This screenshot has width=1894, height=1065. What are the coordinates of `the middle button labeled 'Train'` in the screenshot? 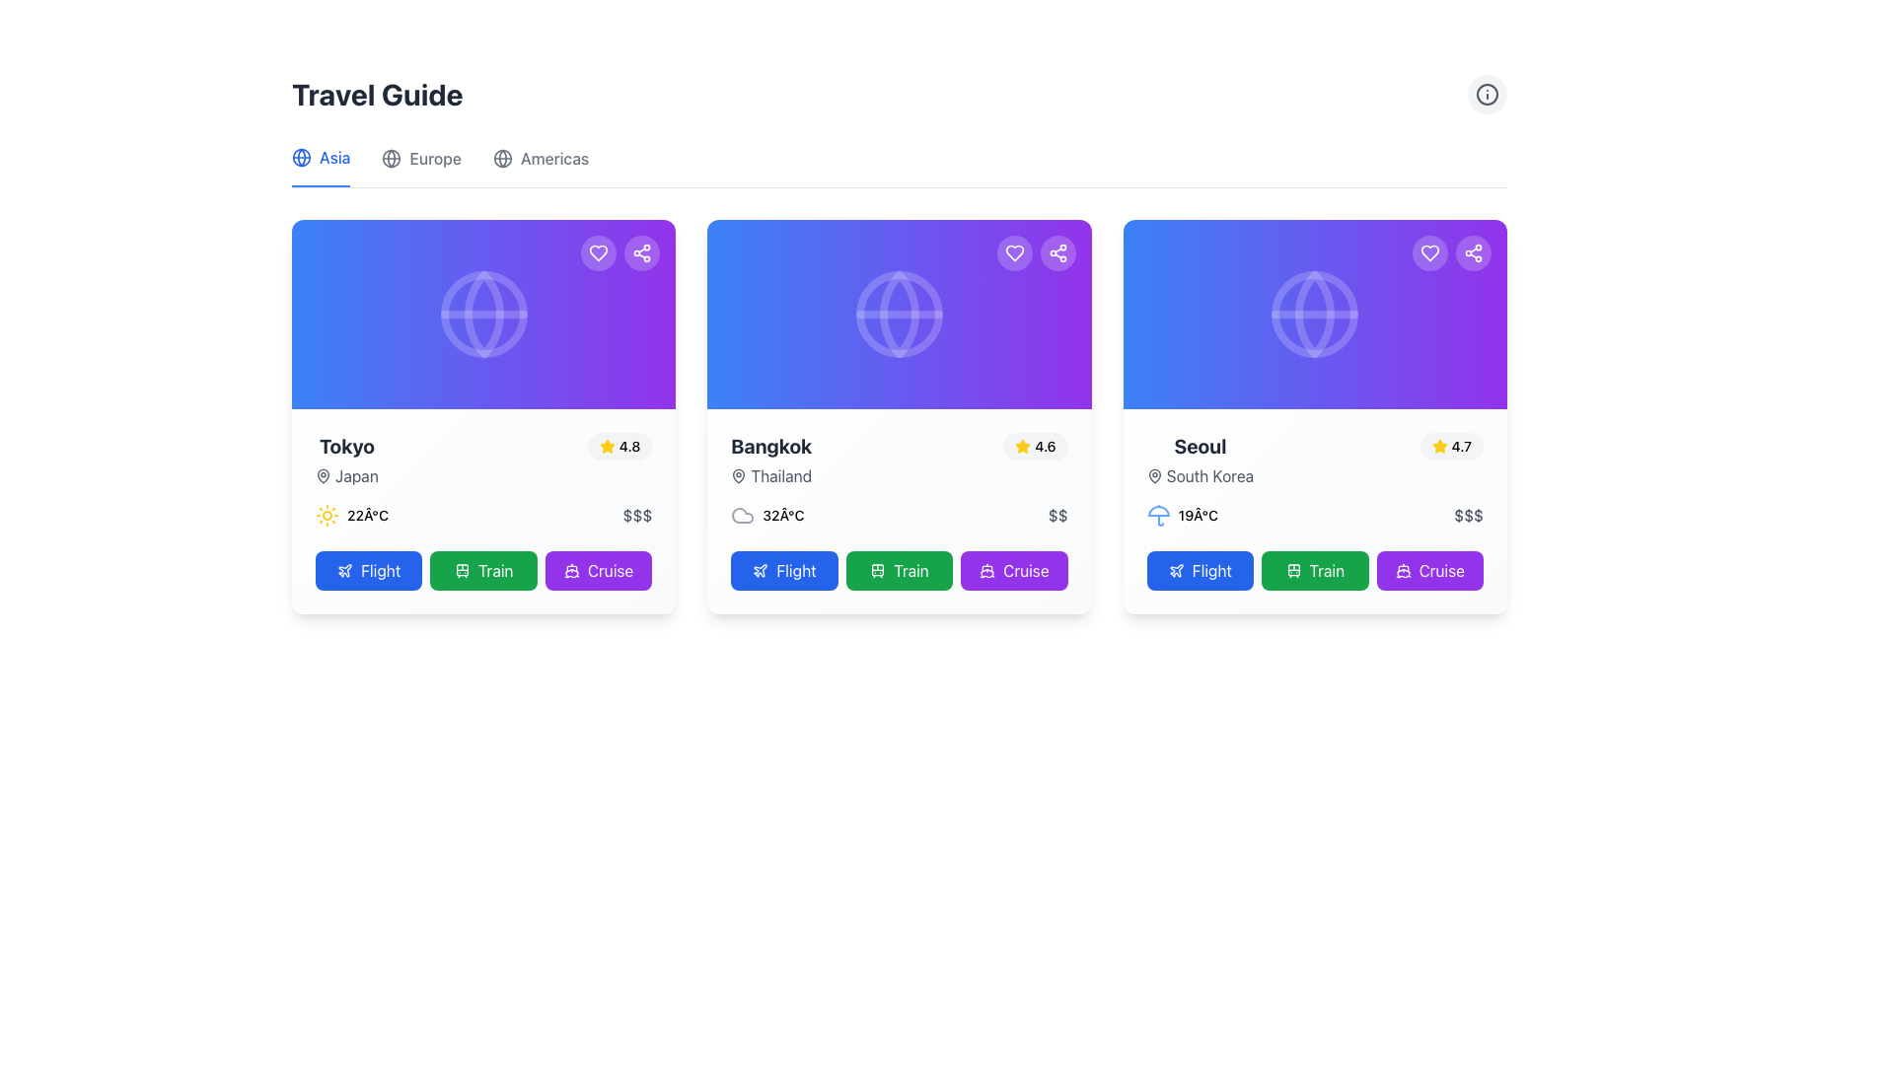 It's located at (1315, 570).